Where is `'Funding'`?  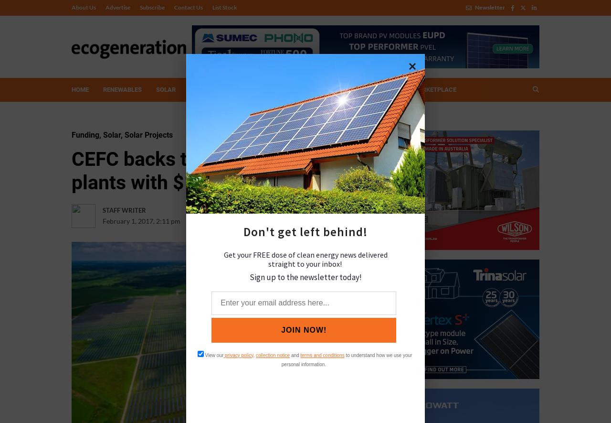 'Funding' is located at coordinates (71, 134).